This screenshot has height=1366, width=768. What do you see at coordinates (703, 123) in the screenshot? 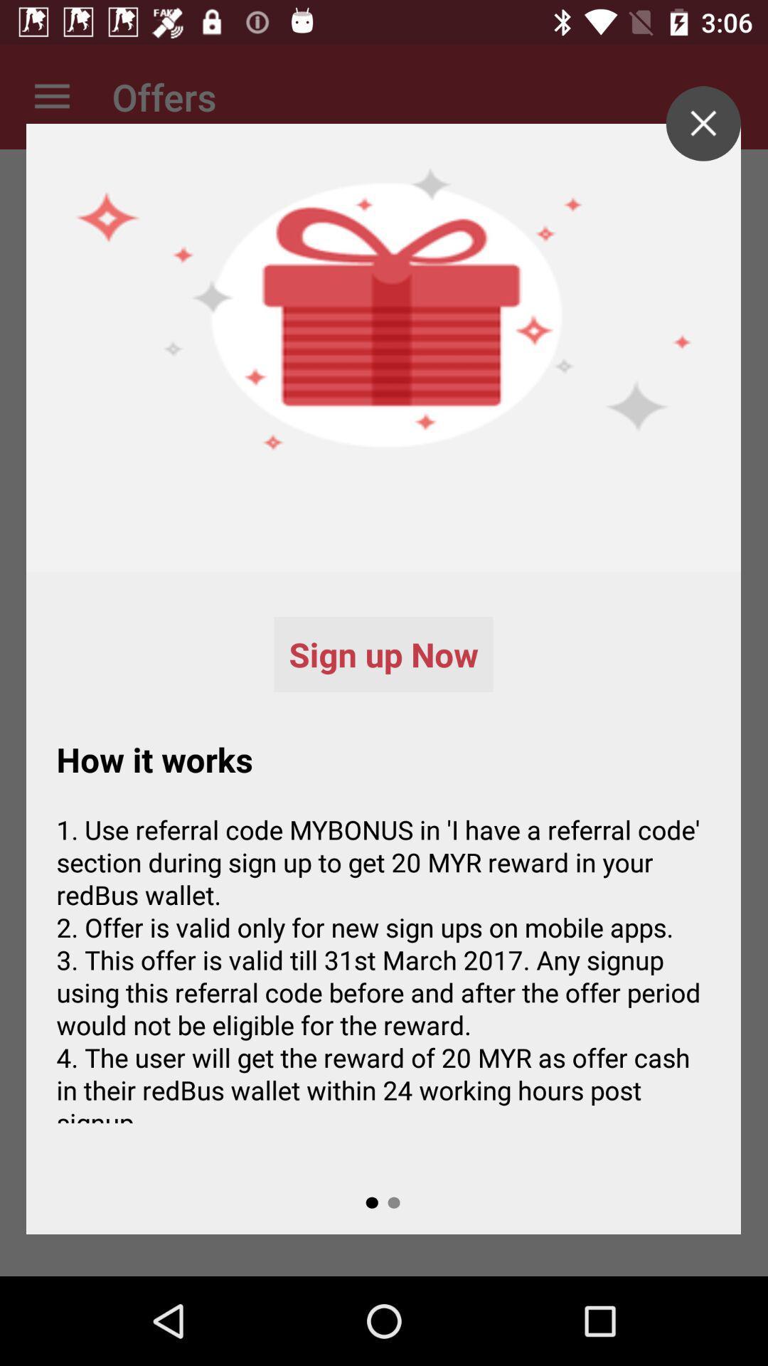
I see `the current window` at bounding box center [703, 123].